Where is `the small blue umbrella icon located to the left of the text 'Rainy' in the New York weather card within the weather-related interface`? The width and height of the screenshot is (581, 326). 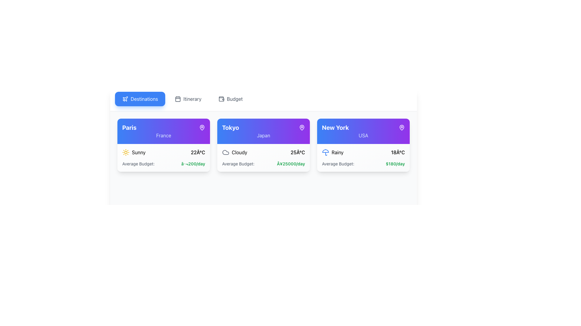 the small blue umbrella icon located to the left of the text 'Rainy' in the New York weather card within the weather-related interface is located at coordinates (325, 152).